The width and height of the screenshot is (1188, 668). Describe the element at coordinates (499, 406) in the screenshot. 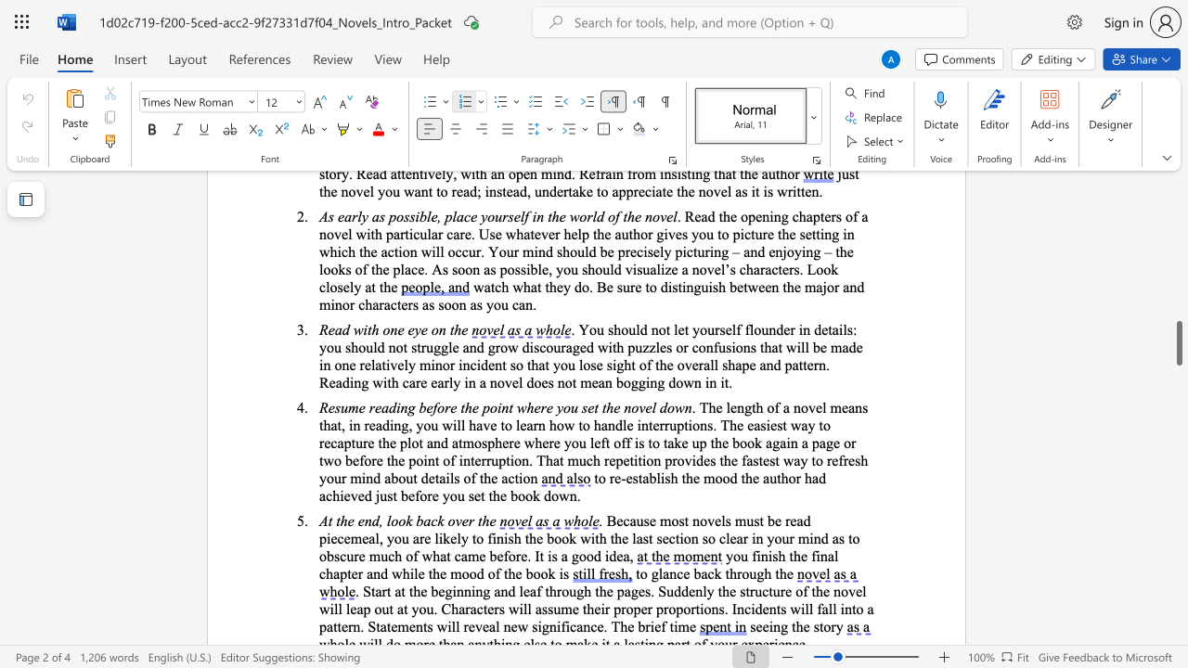

I see `the 2th character "i" in the text` at that location.